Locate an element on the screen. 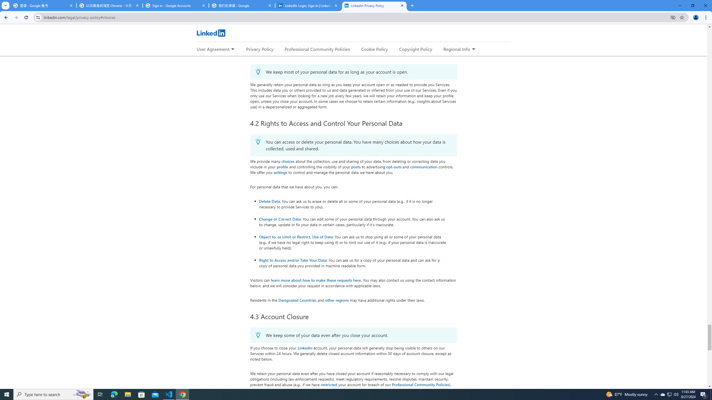  'User Agreement' is located at coordinates (213, 49).